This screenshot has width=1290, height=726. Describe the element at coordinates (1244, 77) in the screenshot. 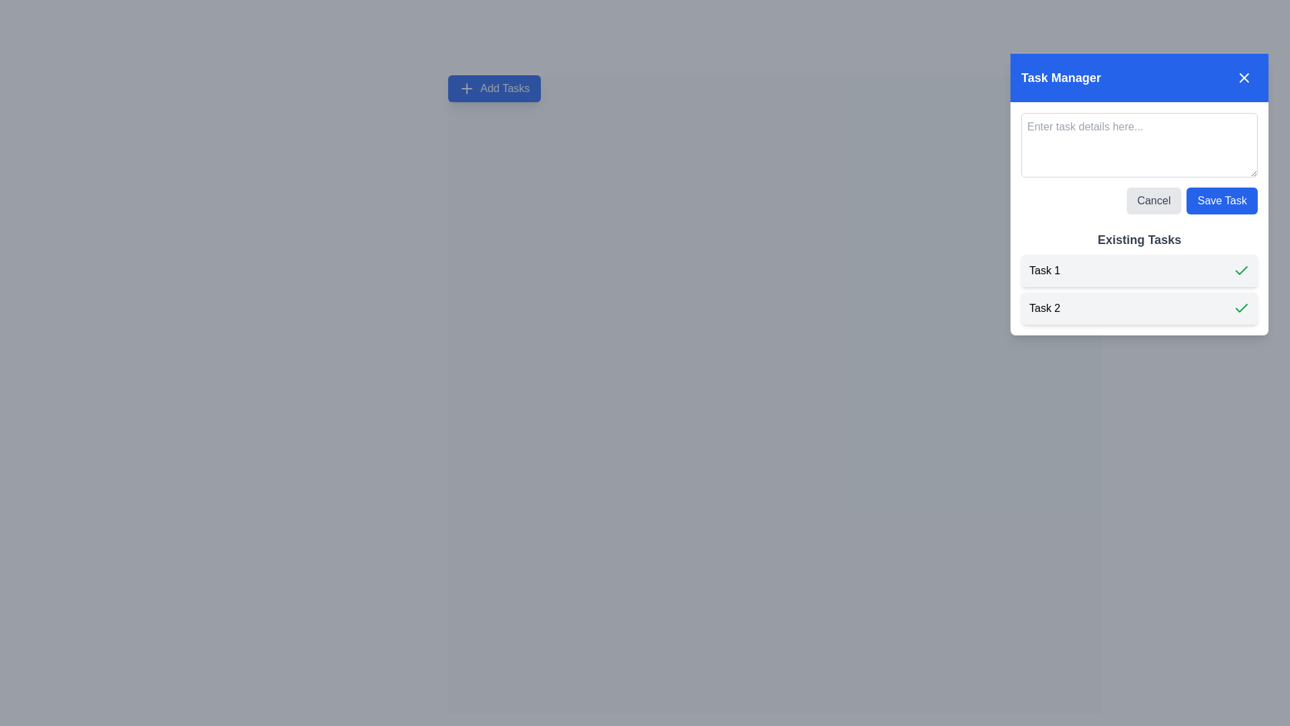

I see `the diagonal line element of the 'X' icon located in the top-right corner of the 'Task Manager' panel` at that location.